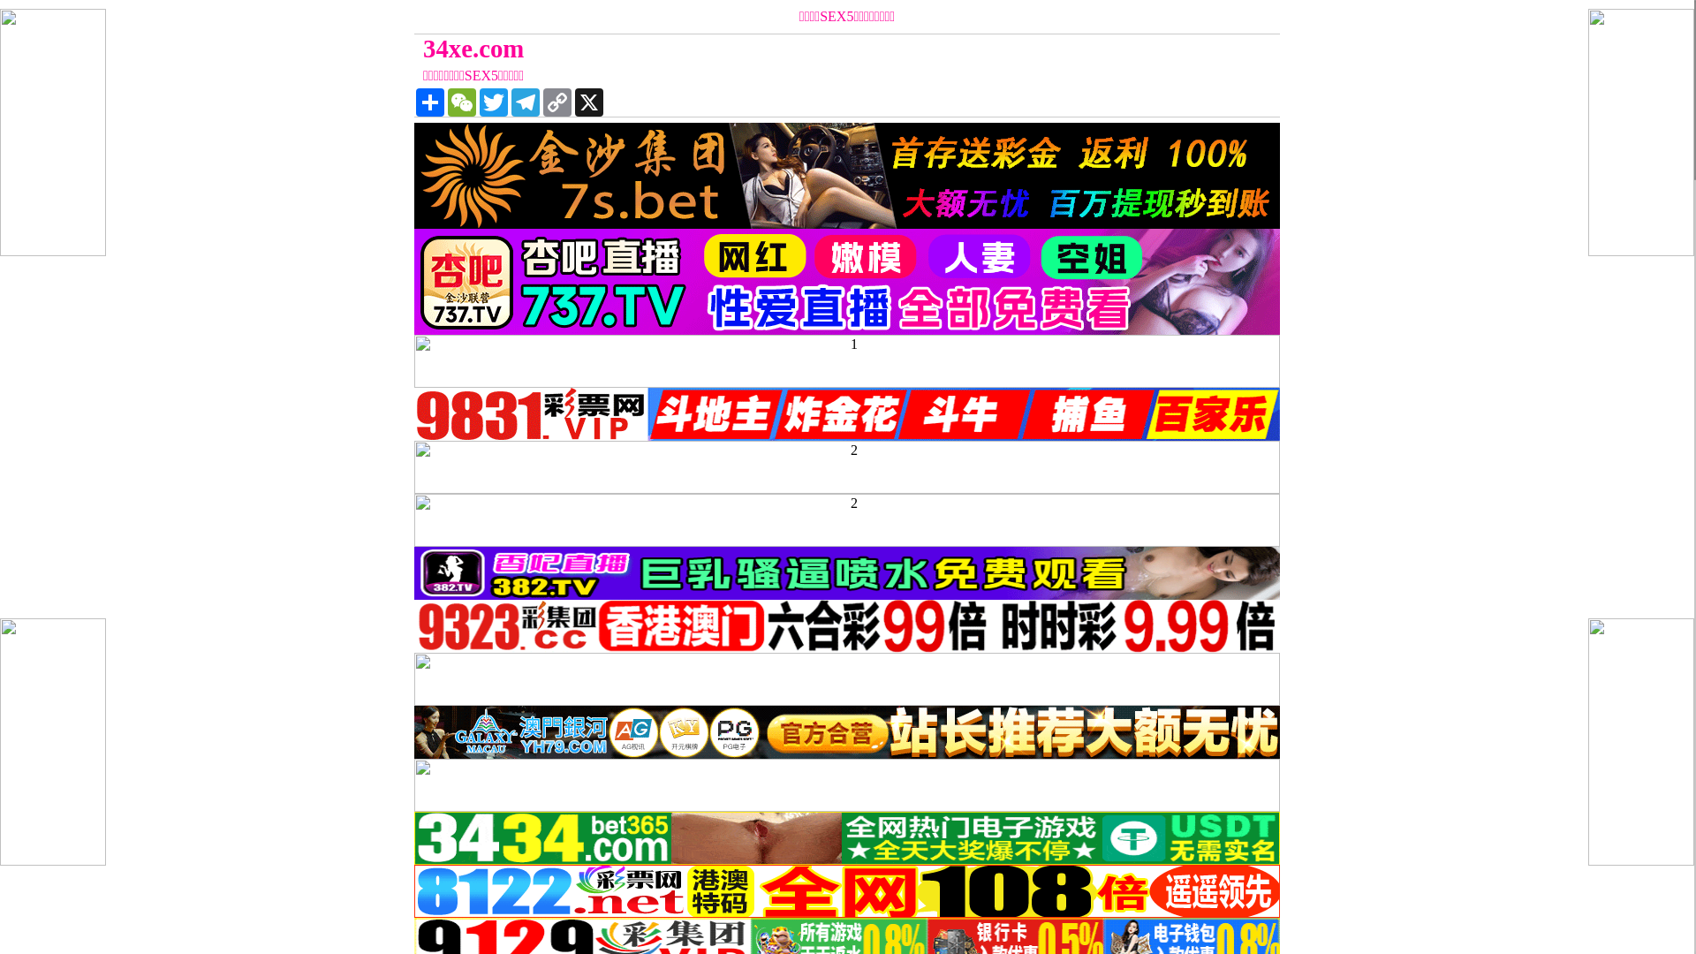 The width and height of the screenshot is (1696, 954). I want to click on 'Twitter', so click(493, 102).